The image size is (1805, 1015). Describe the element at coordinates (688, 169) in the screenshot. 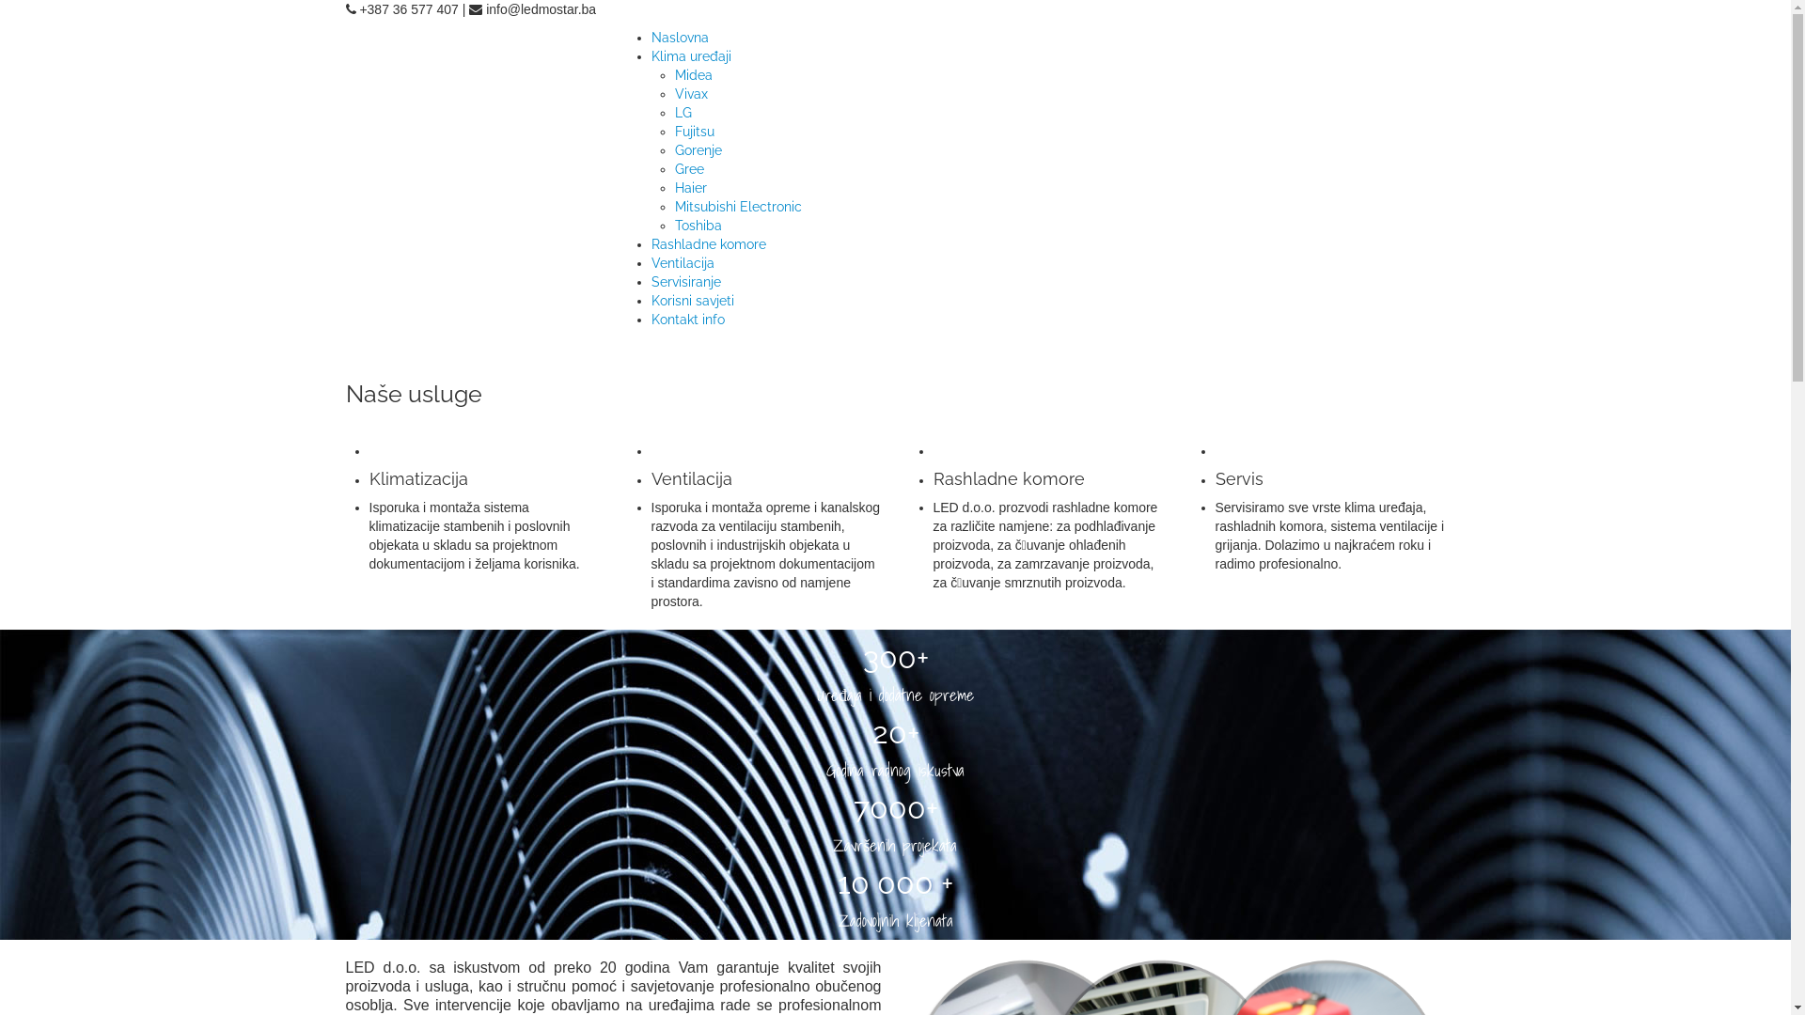

I see `'Gree'` at that location.